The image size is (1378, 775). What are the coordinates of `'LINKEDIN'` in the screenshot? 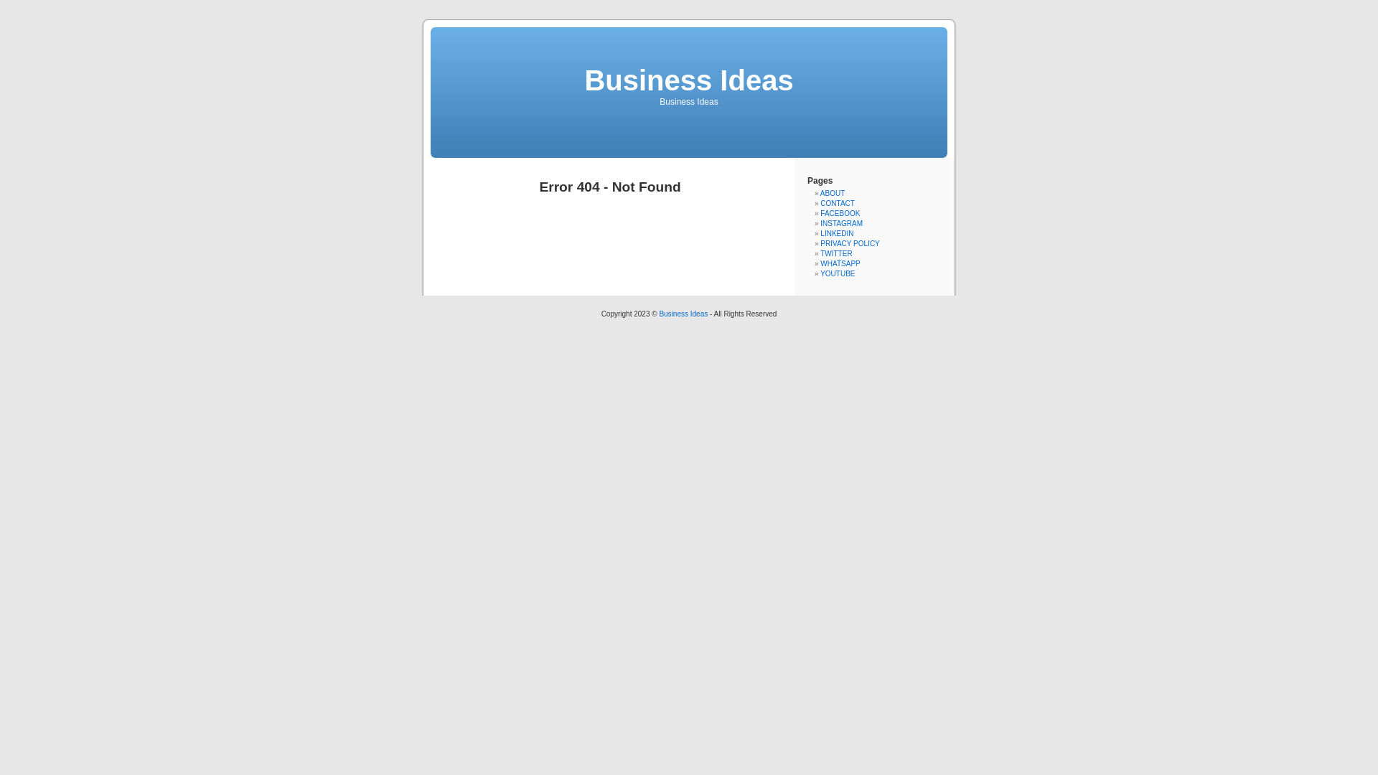 It's located at (820, 232).